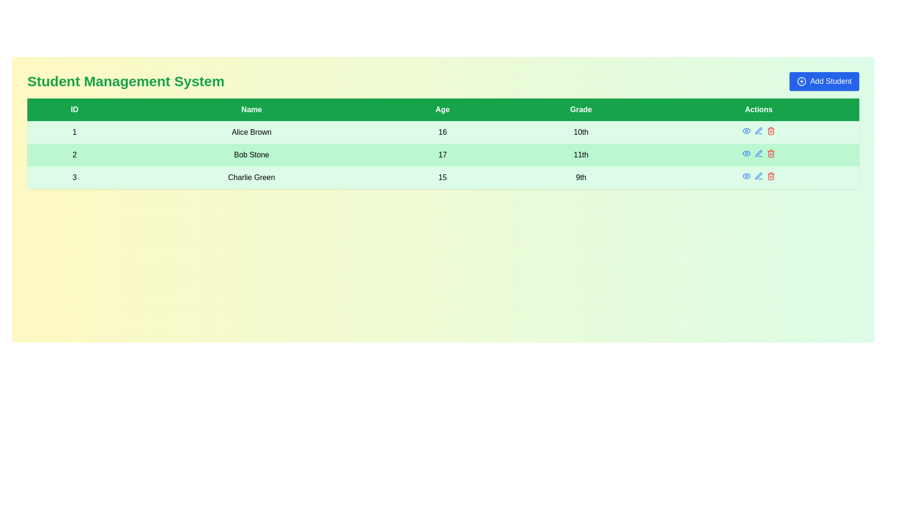 This screenshot has width=905, height=509. Describe the element at coordinates (758, 153) in the screenshot. I see `the blue pen icon in the 'Actions' column for 'Bob Stone' to initiate edit mode` at that location.